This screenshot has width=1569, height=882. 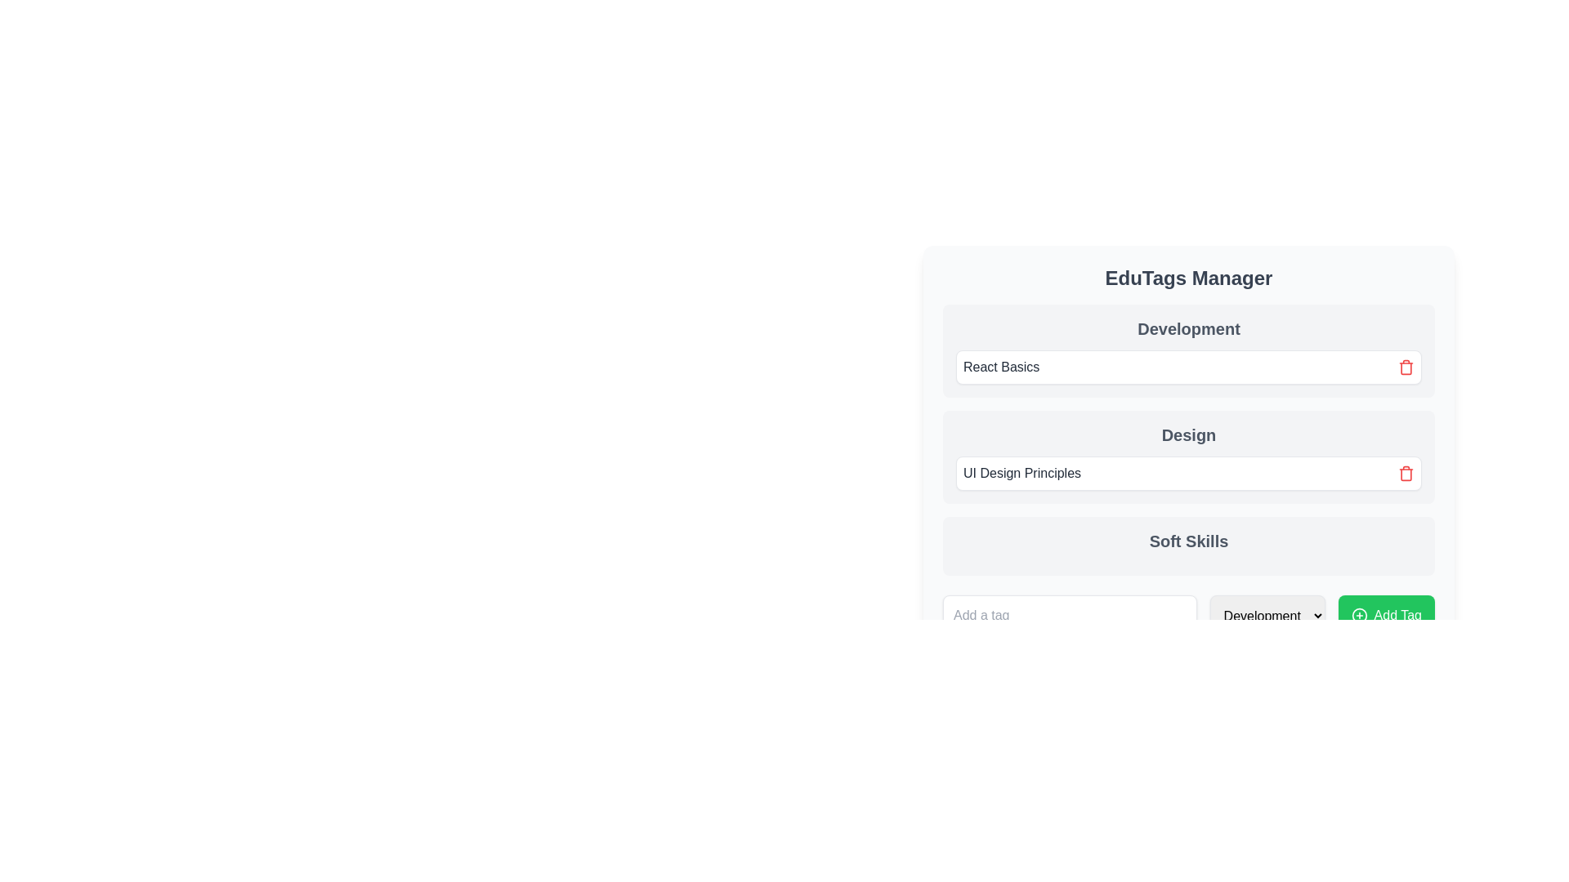 What do you see at coordinates (1267, 615) in the screenshot?
I see `the 'Development' dropdown menu` at bounding box center [1267, 615].